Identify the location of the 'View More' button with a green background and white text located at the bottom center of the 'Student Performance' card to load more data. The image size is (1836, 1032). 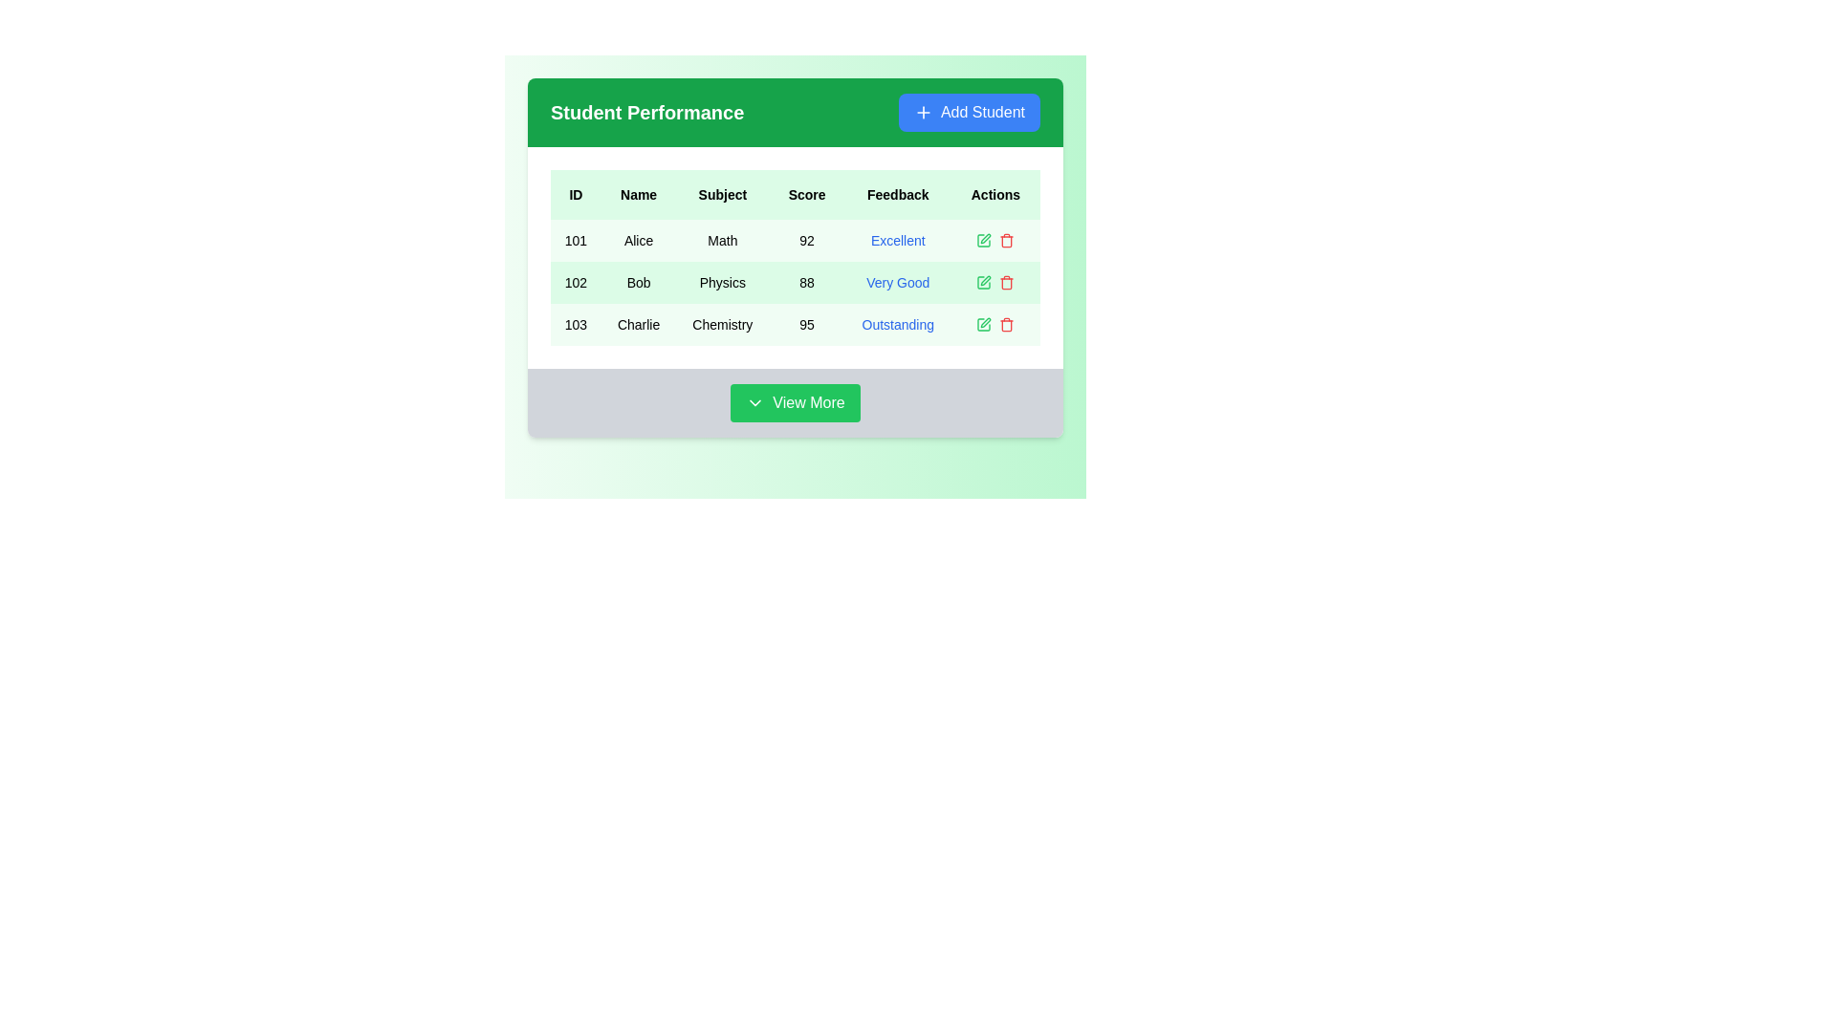
(795, 401).